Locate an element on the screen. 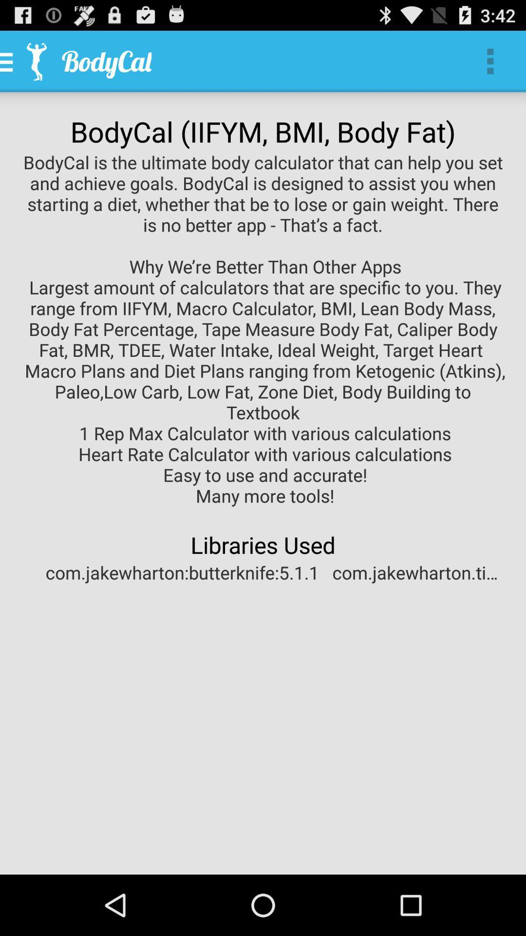  the item to the right of the bodycal is located at coordinates (490, 60).